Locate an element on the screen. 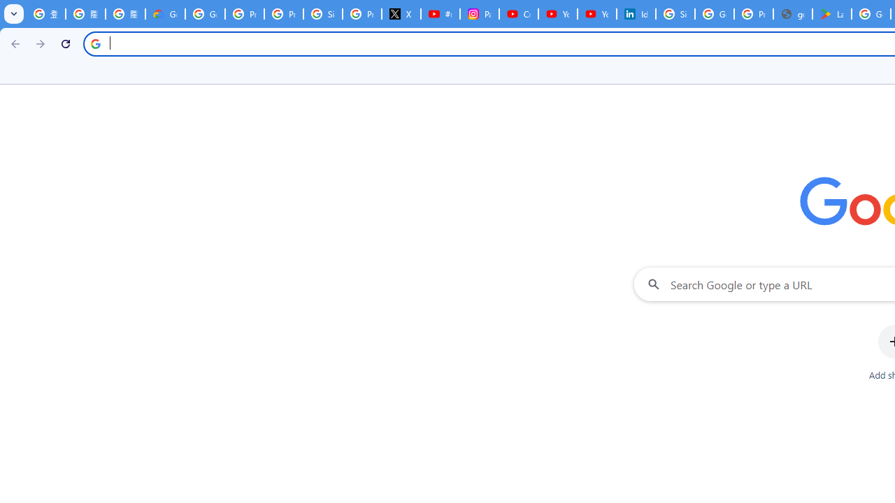  'Privacy Help Center - Policies Help' is located at coordinates (282, 14).